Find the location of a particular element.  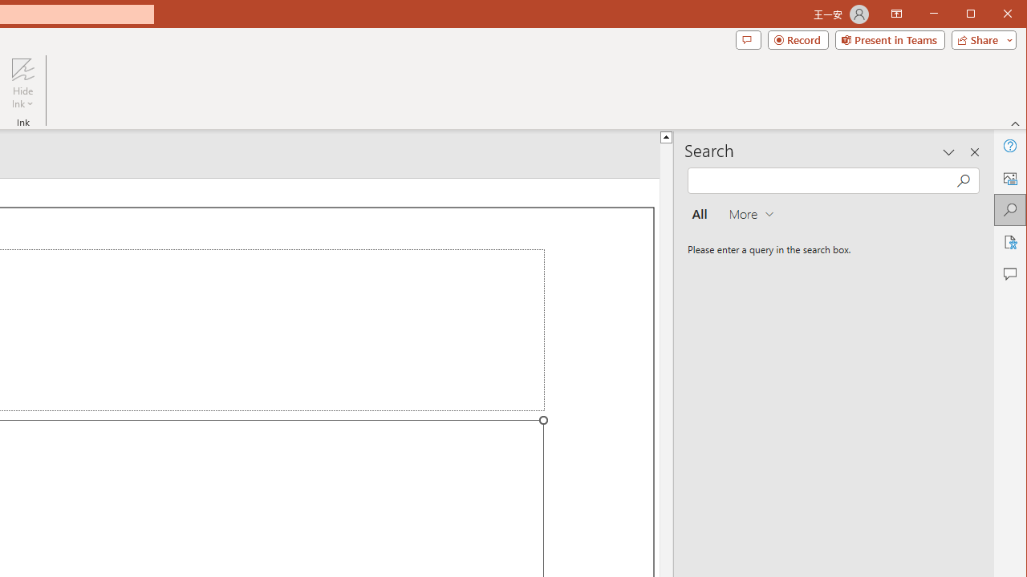

'Task Pane Options' is located at coordinates (949, 152).